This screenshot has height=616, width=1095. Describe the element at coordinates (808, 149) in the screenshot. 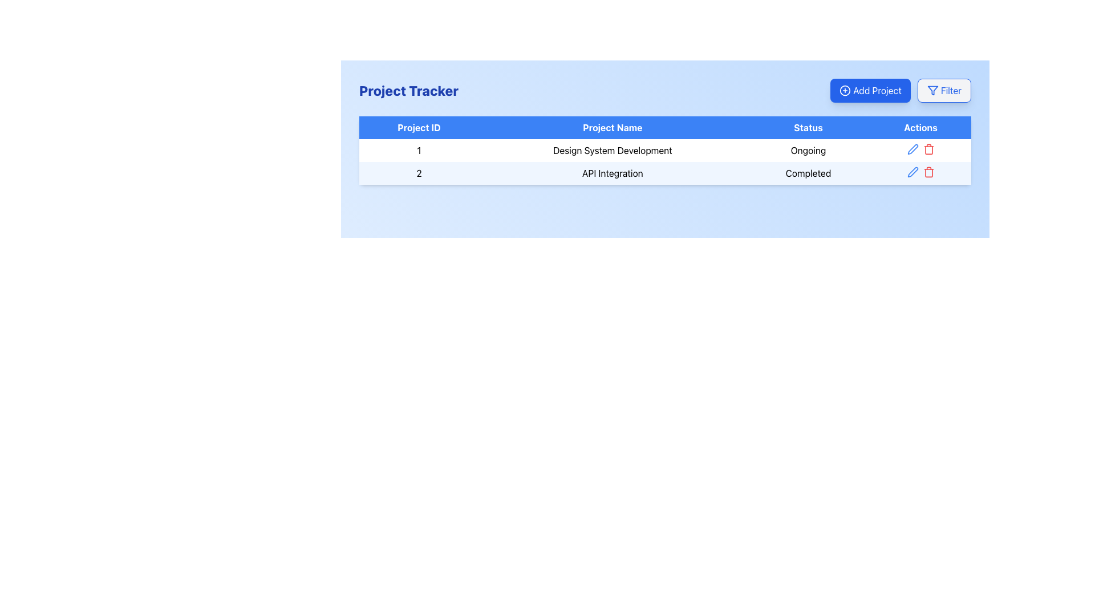

I see `displayed text of the status indicator in the 'Status' column of the first row, which shows 'Ongoing'` at that location.